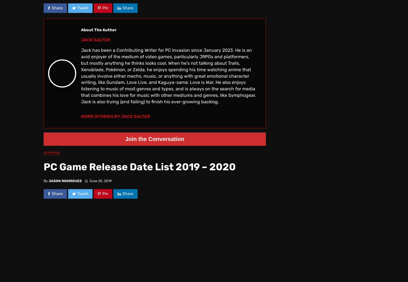 This screenshot has width=408, height=282. I want to click on 'More Stories by Jack Salter', so click(81, 116).